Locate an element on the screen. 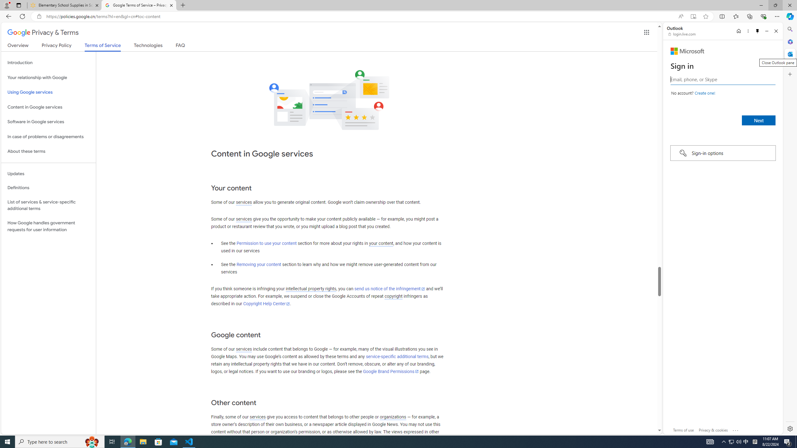 The image size is (797, 448). 'Next' is located at coordinates (759, 120).